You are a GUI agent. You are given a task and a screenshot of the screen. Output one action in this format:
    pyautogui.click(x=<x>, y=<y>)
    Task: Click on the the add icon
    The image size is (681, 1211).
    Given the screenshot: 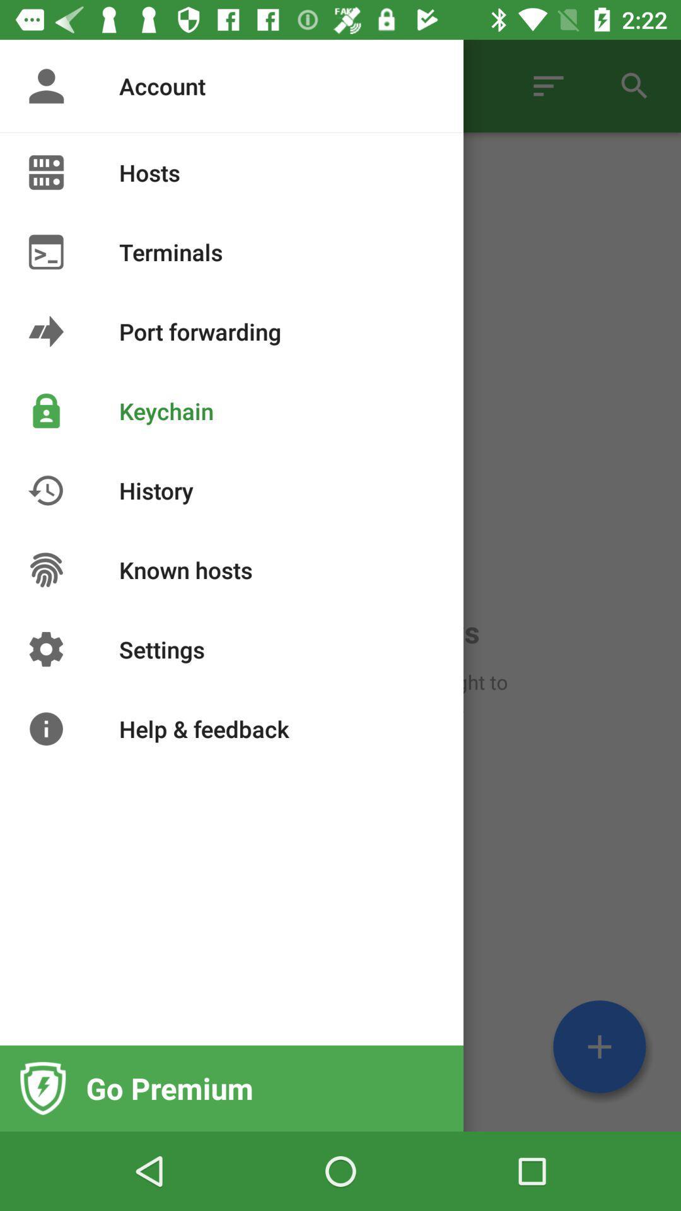 What is the action you would take?
    pyautogui.click(x=599, y=1046)
    